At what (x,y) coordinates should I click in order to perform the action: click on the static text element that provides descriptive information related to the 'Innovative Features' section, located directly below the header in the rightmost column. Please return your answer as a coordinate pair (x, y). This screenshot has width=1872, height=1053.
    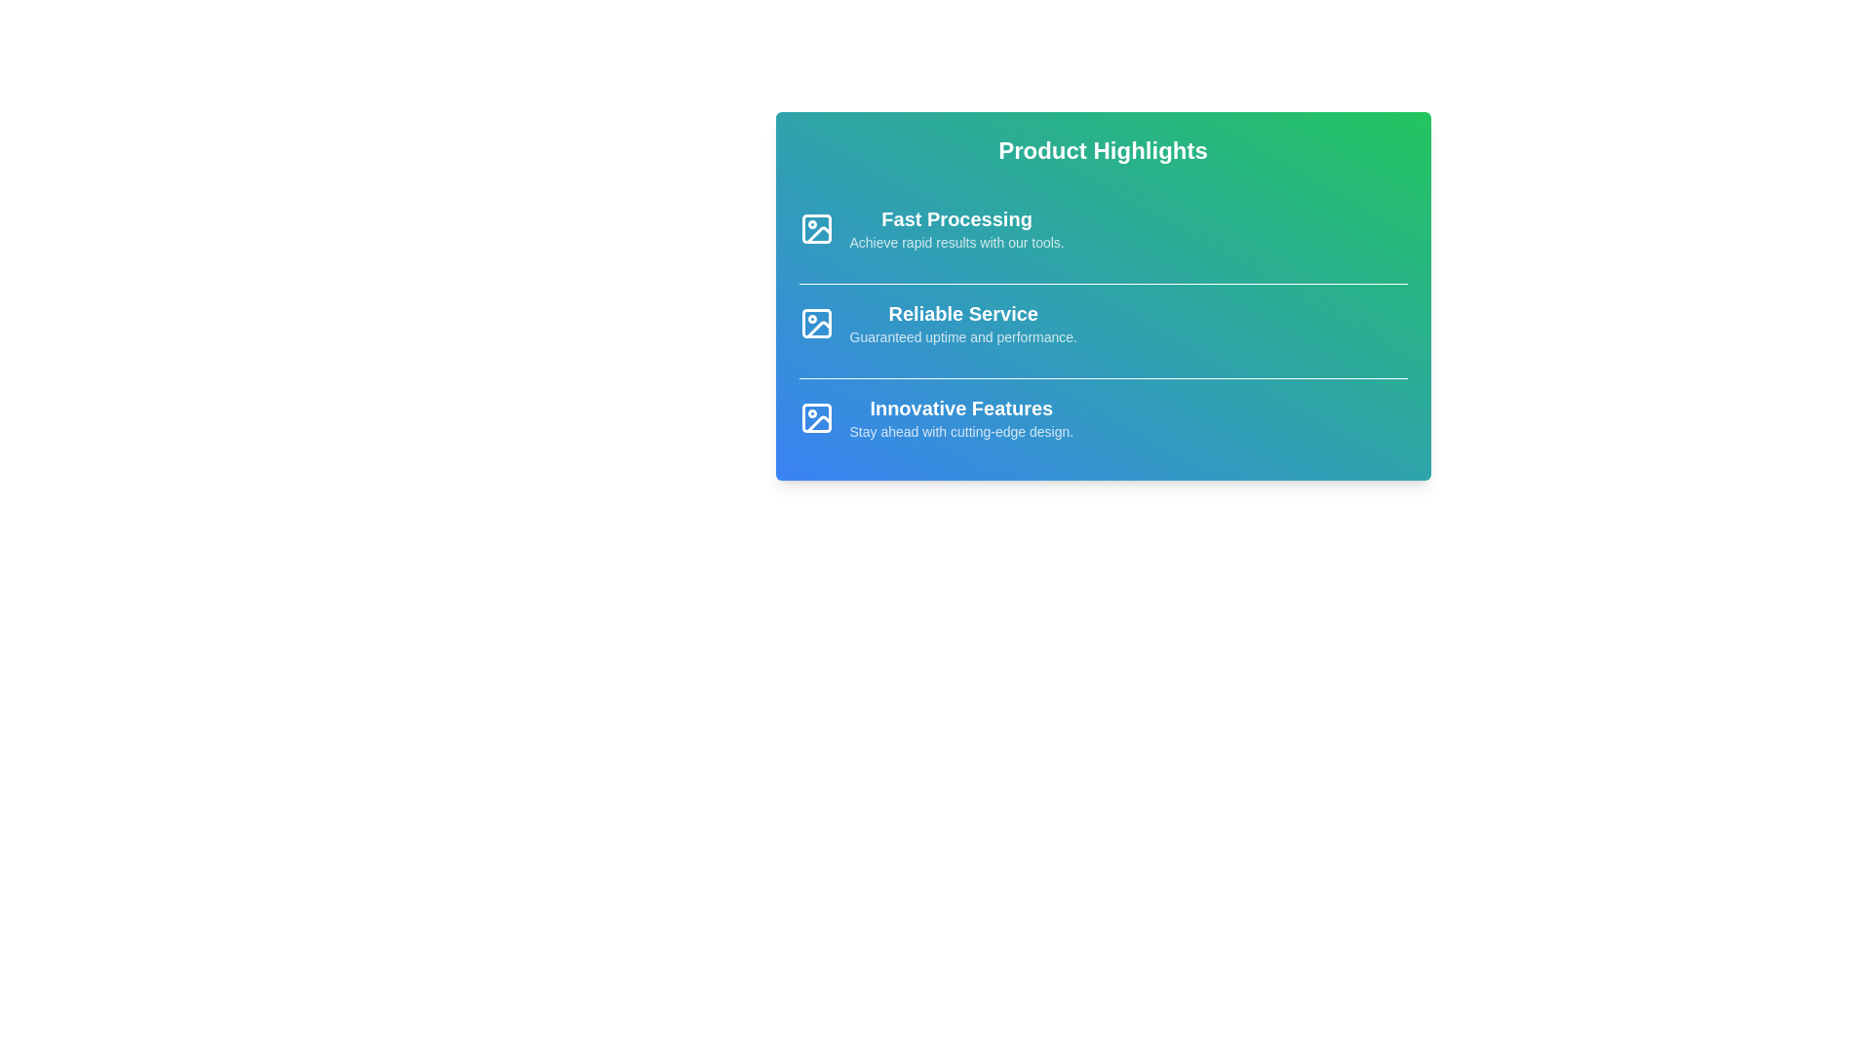
    Looking at the image, I should click on (961, 431).